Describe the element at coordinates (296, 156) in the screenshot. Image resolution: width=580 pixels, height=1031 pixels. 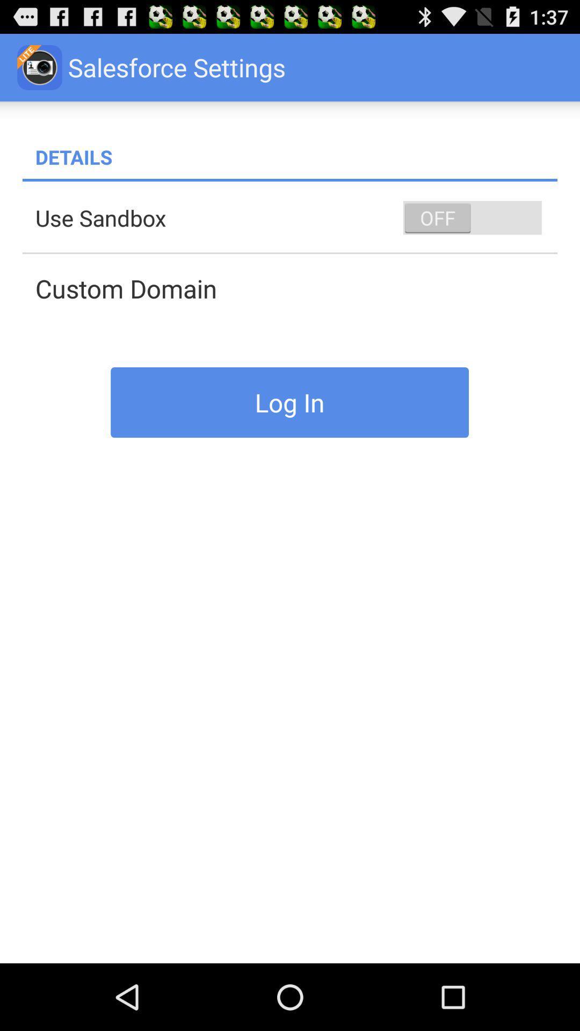
I see `the details` at that location.